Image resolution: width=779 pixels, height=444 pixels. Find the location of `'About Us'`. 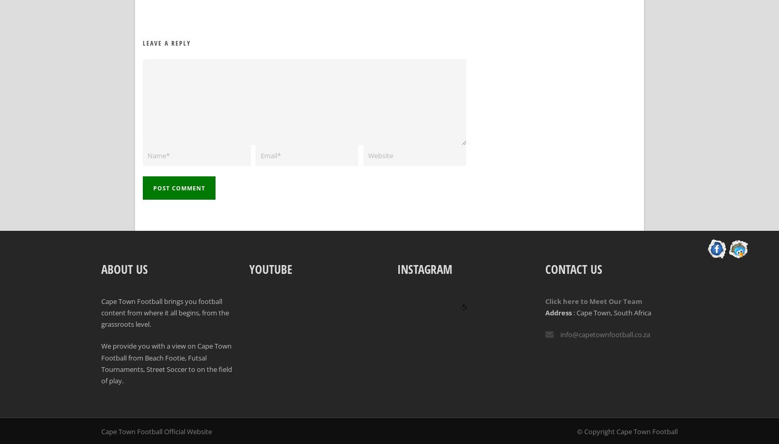

'About Us' is located at coordinates (124, 269).